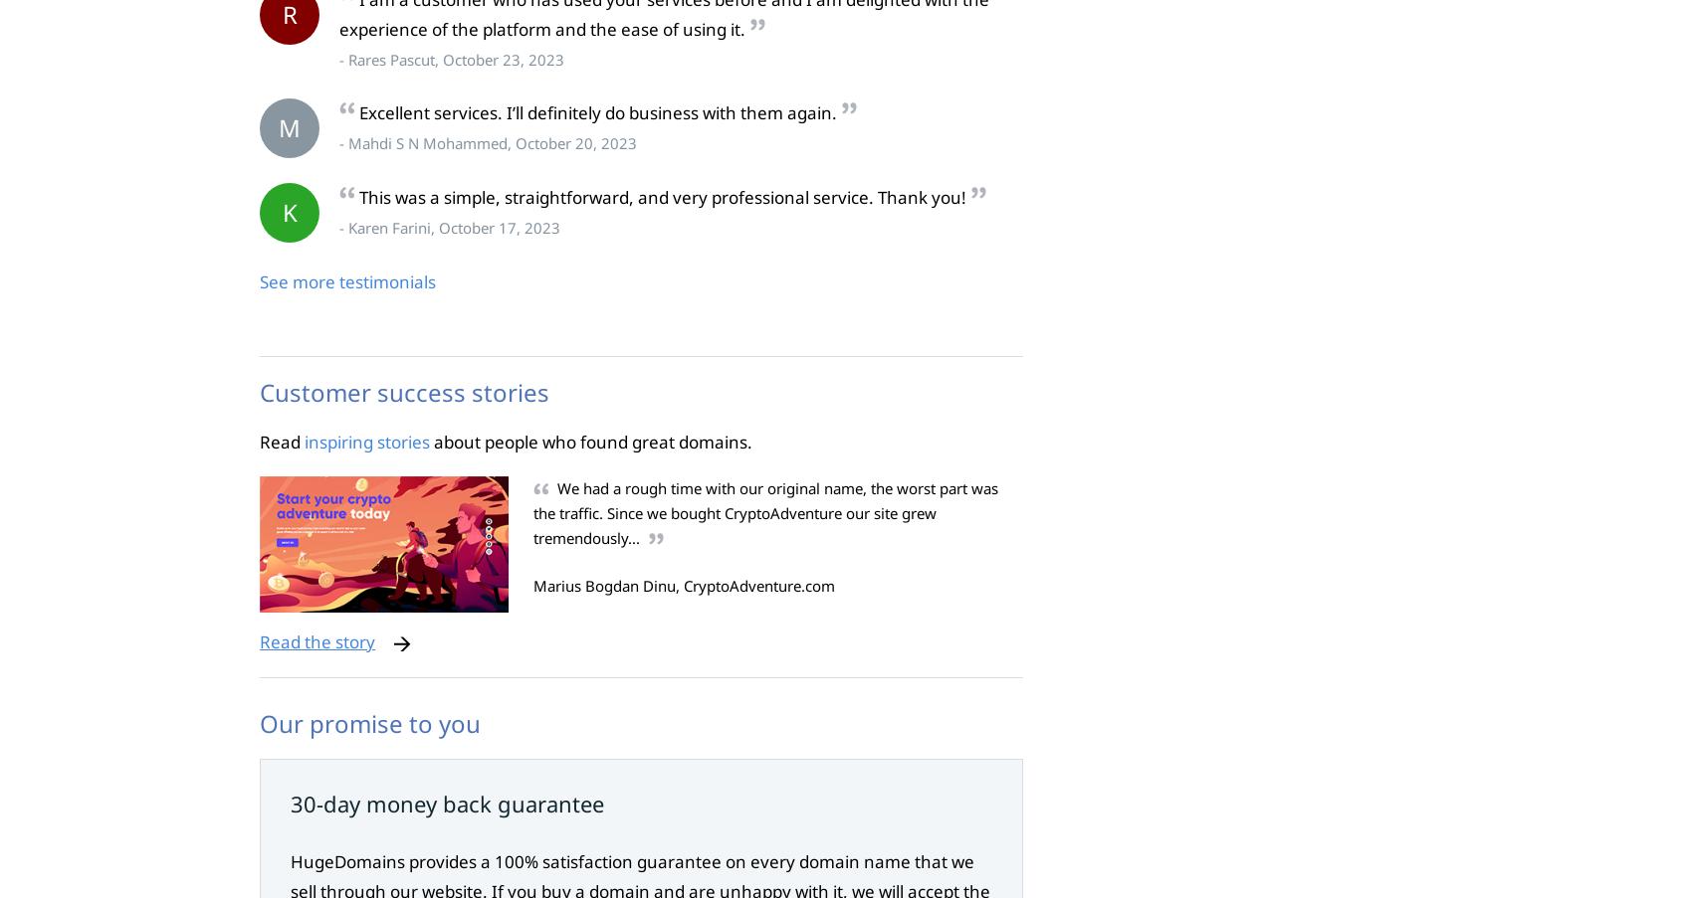 The height and width of the screenshot is (898, 1684). I want to click on 'We had a rough time with our original name, the worst part was the traffic. Since we bought CryptoAdventure our site grew tremendously...', so click(764, 512).